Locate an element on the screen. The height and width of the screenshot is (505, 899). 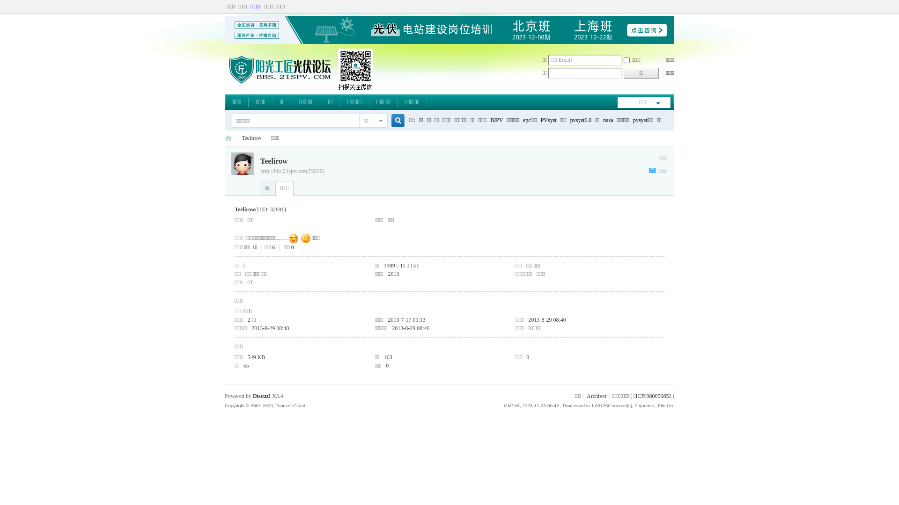
'http://bbs.21spv.com/?32691' is located at coordinates (292, 171).